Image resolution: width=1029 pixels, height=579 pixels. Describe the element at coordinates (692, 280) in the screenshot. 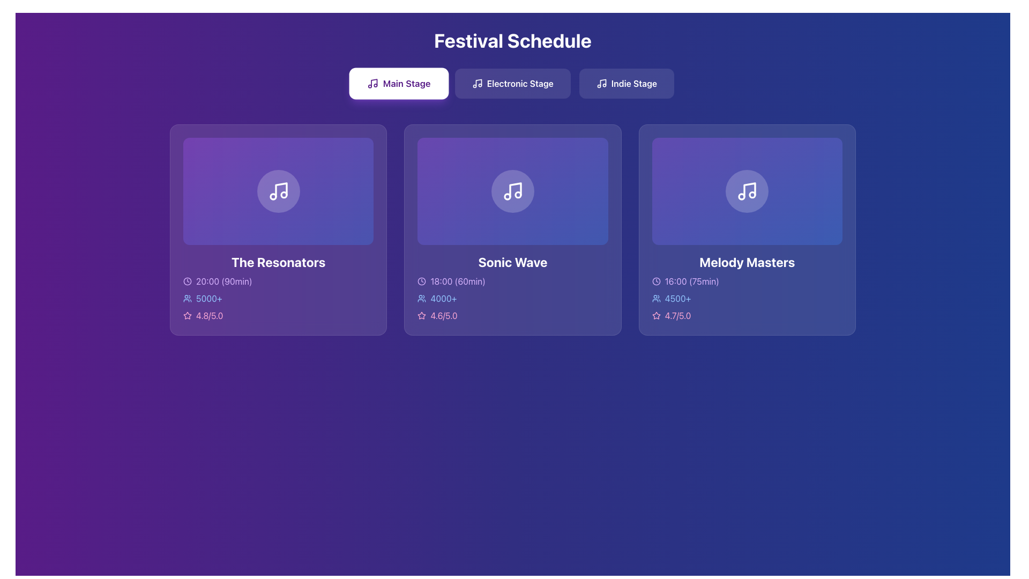

I see `time information displayed in the light purple text label showing '16:00 (75min)' located in the third event card titled 'Melody Masters' in the 'Festival Schedule' interface` at that location.